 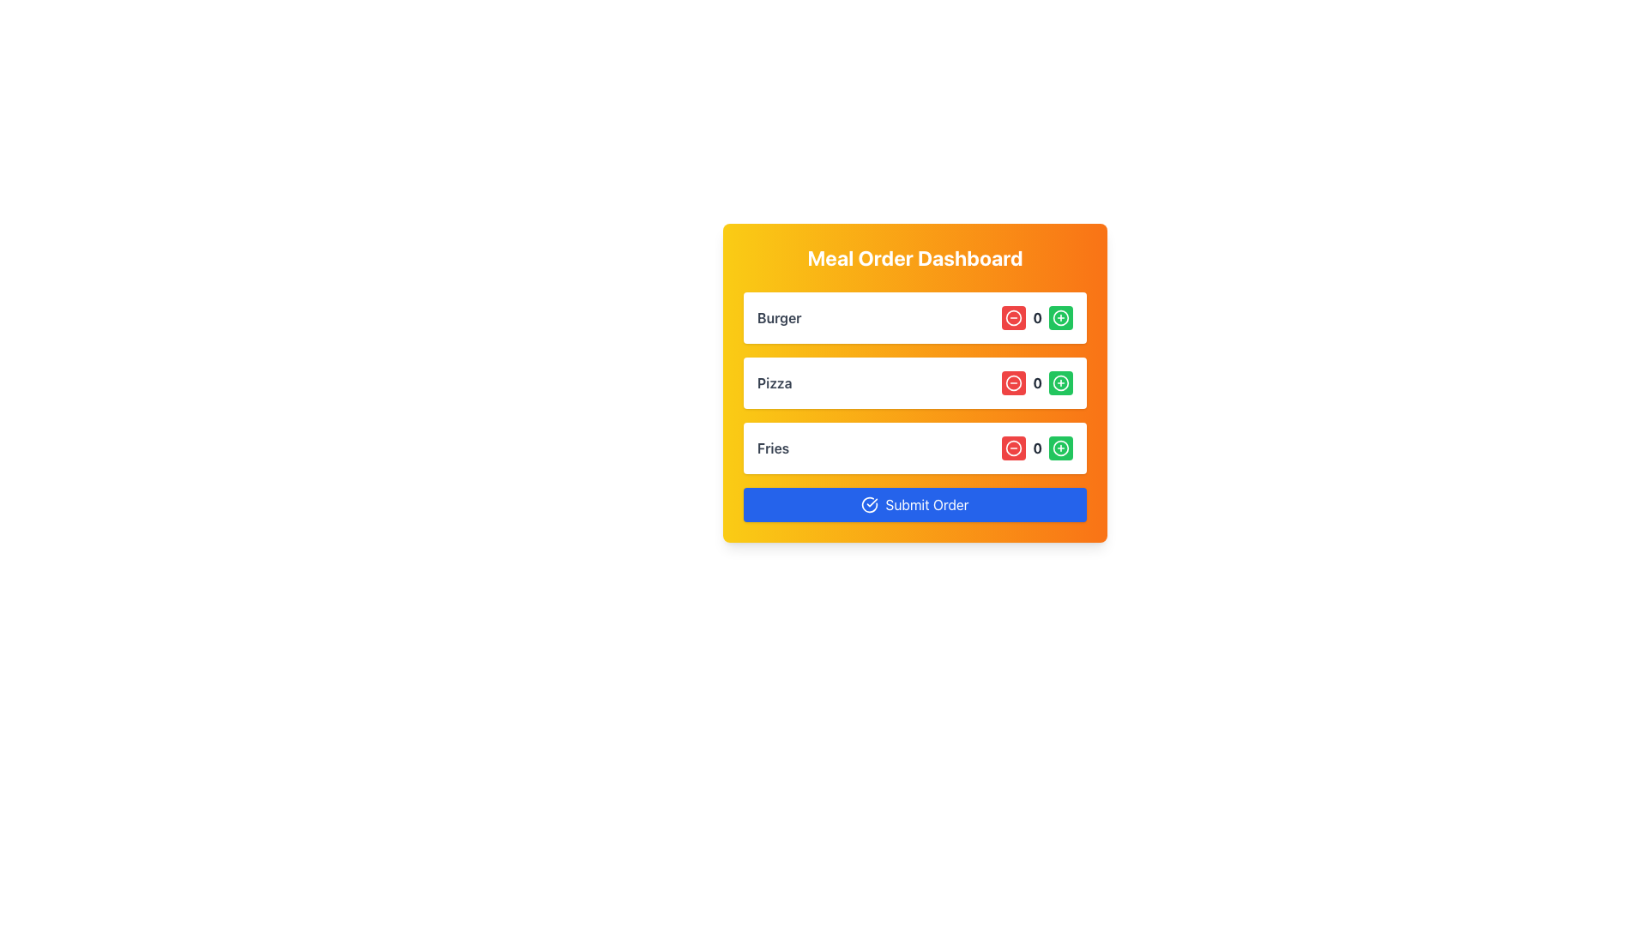 I want to click on the increment button for 'Burger', so click(x=1060, y=317).